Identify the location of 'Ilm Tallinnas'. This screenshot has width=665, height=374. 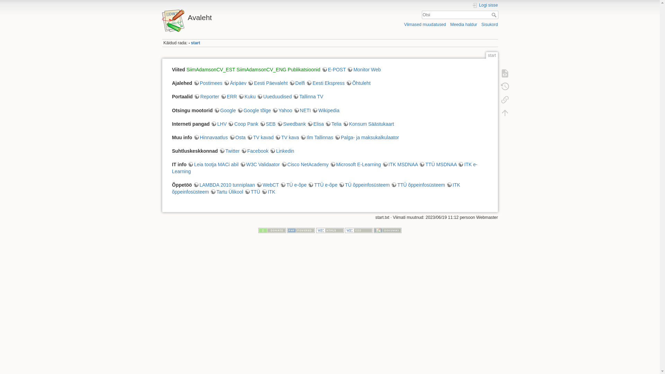
(316, 137).